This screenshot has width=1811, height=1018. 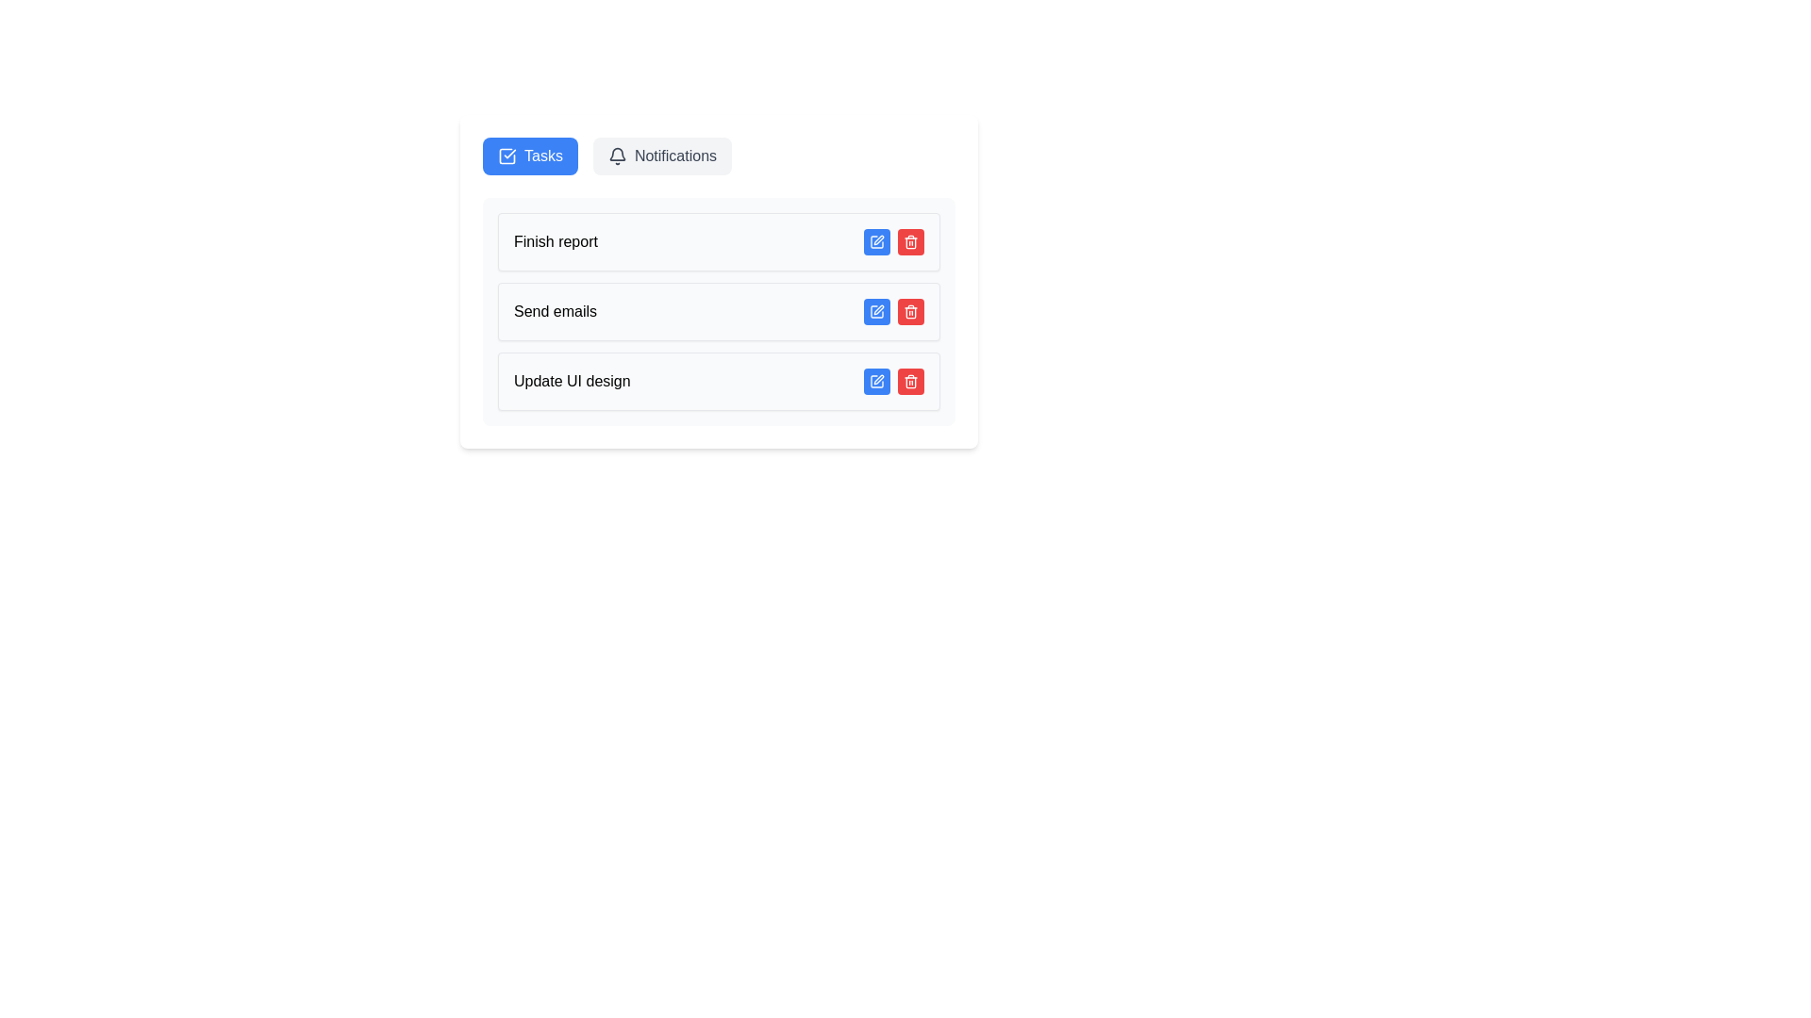 What do you see at coordinates (617, 155) in the screenshot?
I see `the notification icon located to the left of the 'Notifications' text in the upper-right corner of the card layout` at bounding box center [617, 155].